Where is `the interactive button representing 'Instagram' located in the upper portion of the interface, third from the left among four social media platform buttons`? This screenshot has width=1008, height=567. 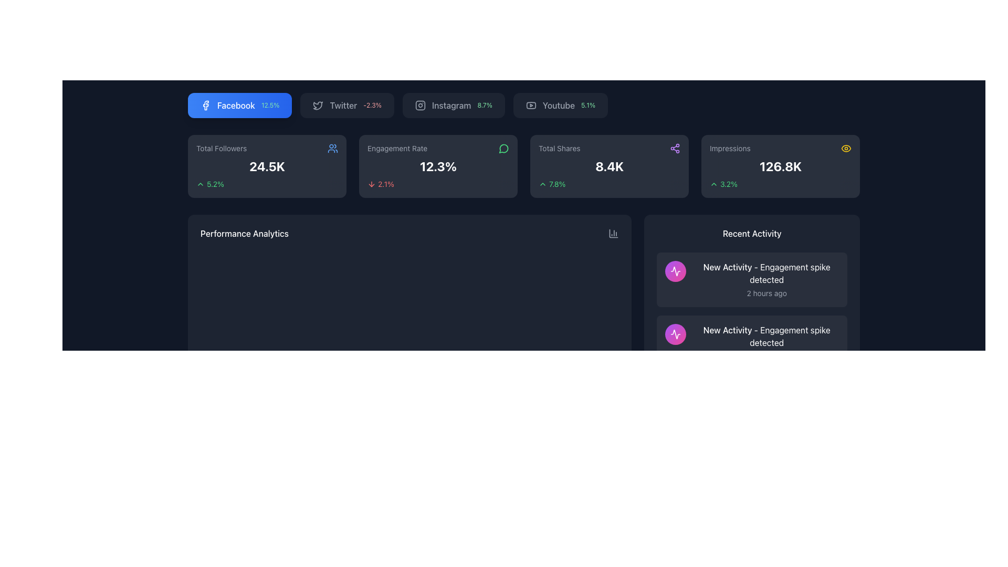
the interactive button representing 'Instagram' located in the upper portion of the interface, third from the left among four social media platform buttons is located at coordinates (454, 105).